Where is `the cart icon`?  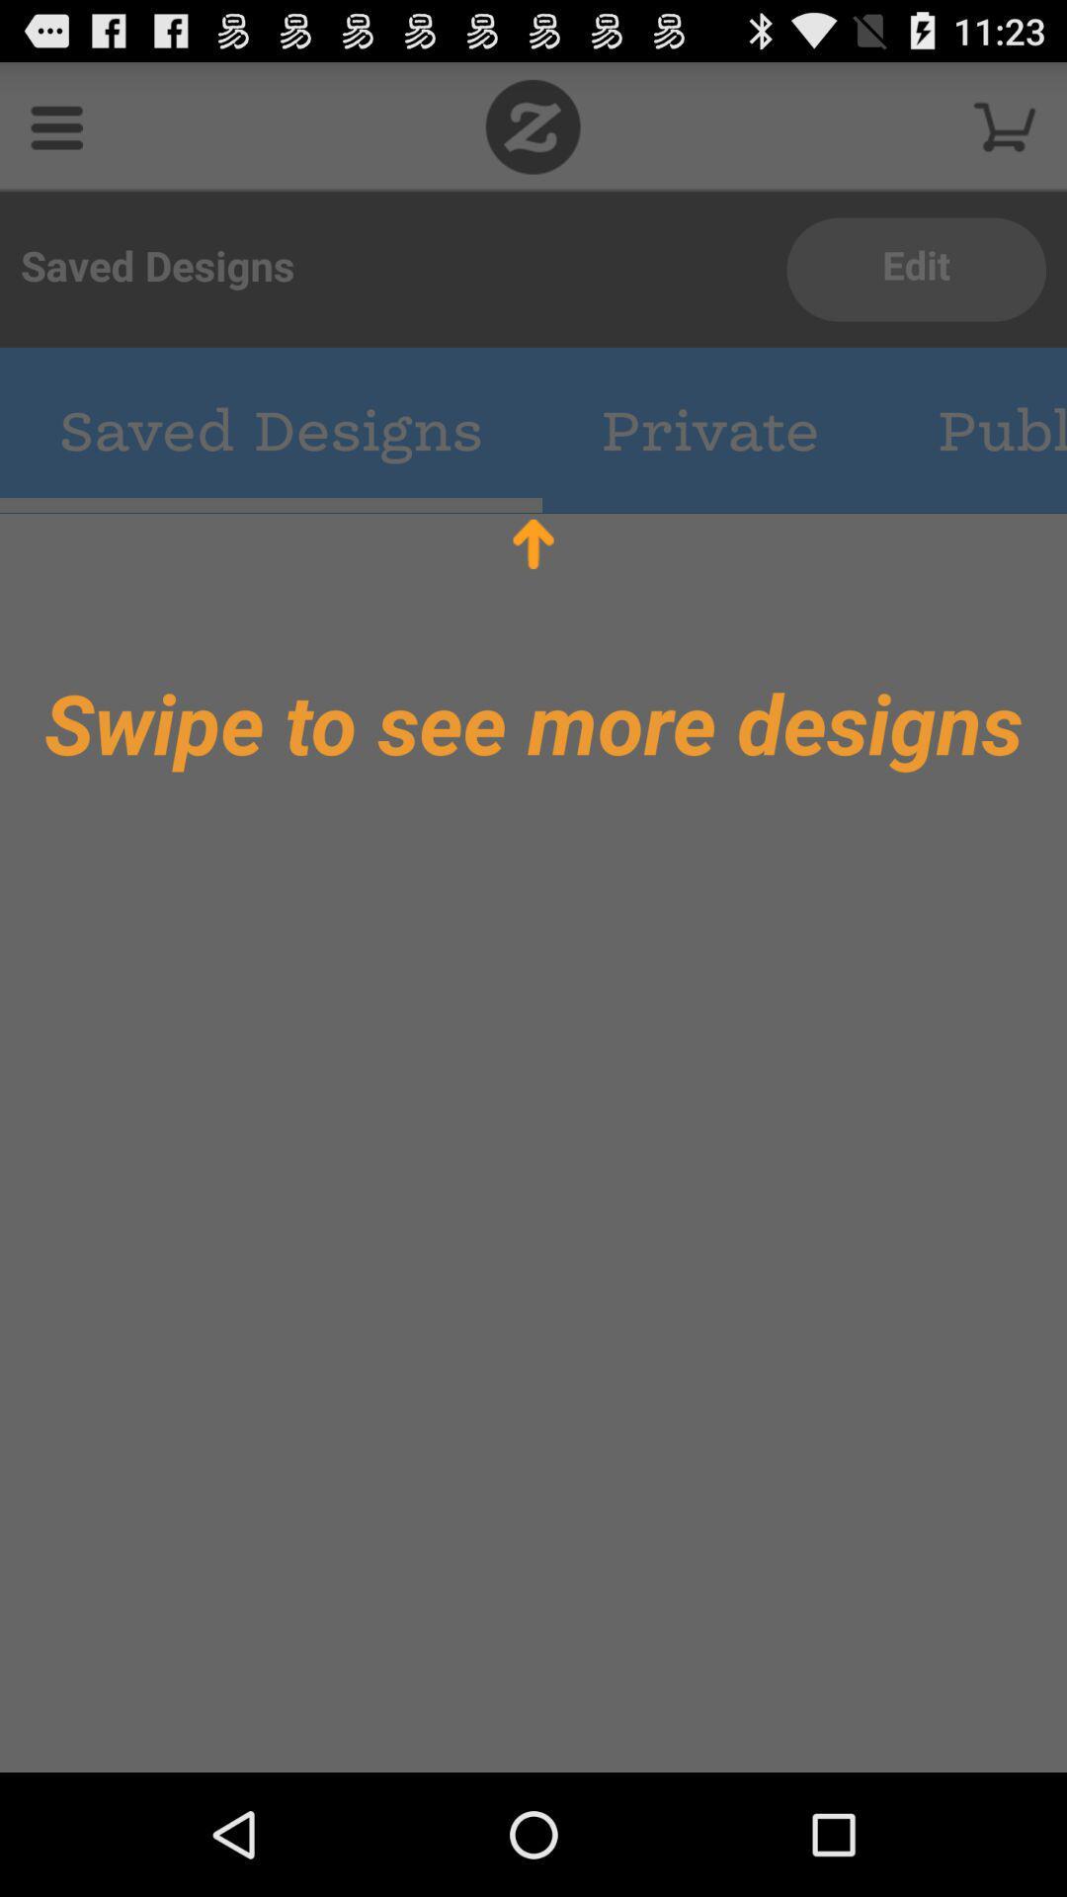 the cart icon is located at coordinates (1005, 134).